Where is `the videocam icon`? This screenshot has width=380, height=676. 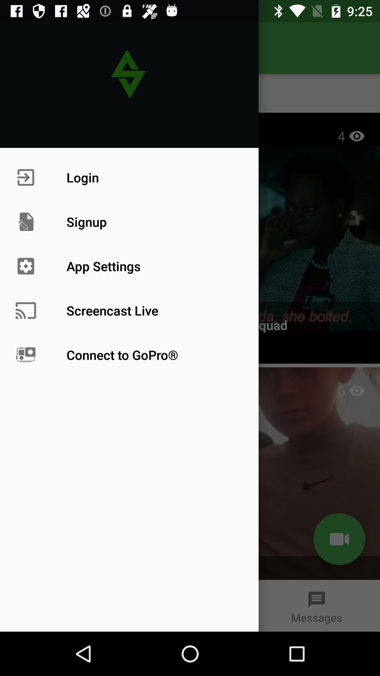
the videocam icon is located at coordinates (339, 539).